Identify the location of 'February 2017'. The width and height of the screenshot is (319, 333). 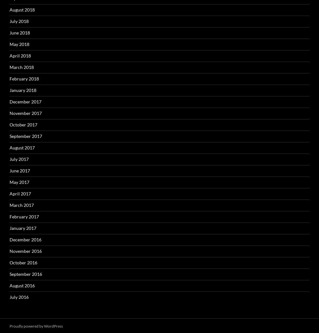
(24, 216).